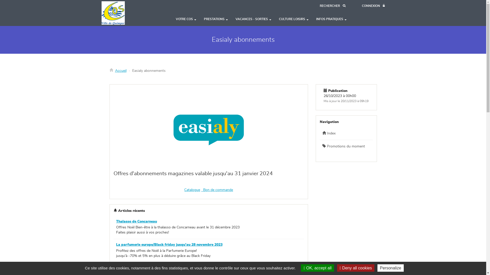 The width and height of the screenshot is (490, 275). Describe the element at coordinates (192, 190) in the screenshot. I see `'Catalogue'` at that location.